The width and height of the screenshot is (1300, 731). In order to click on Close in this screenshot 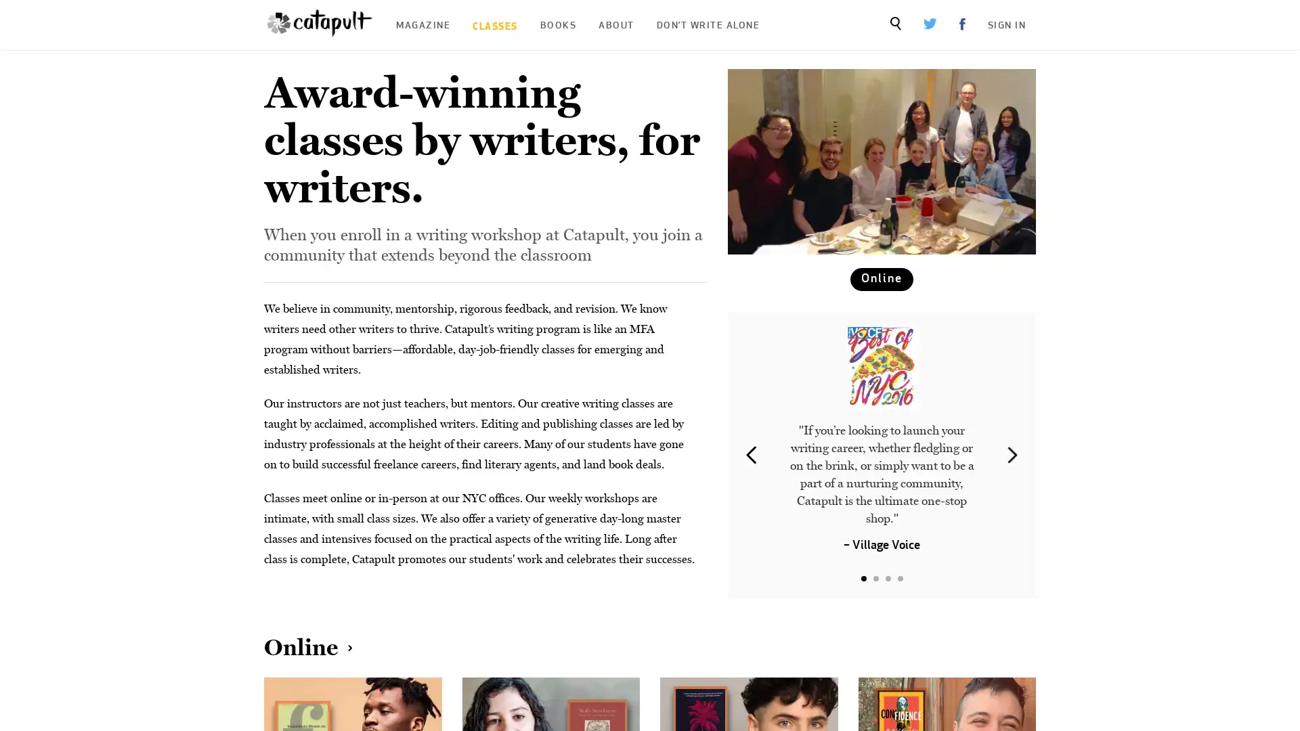, I will do `click(1285, 592)`.